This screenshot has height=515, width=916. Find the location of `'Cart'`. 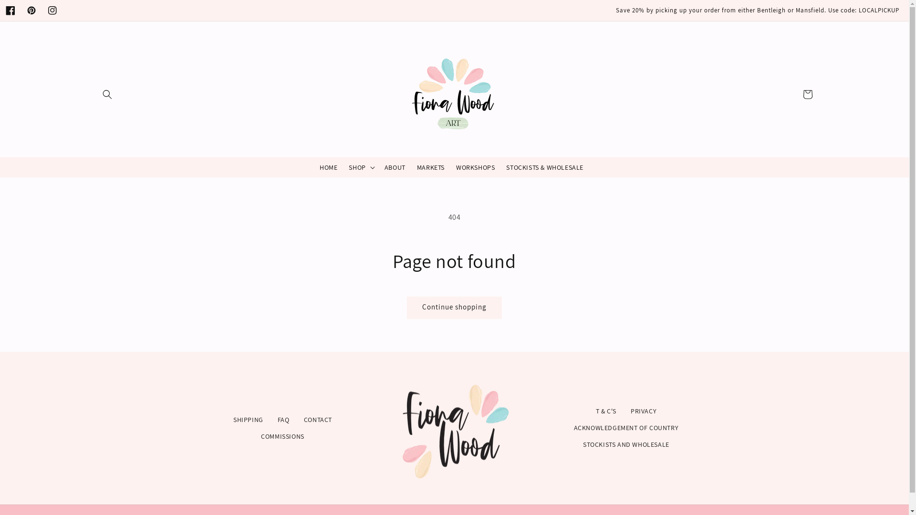

'Cart' is located at coordinates (797, 94).